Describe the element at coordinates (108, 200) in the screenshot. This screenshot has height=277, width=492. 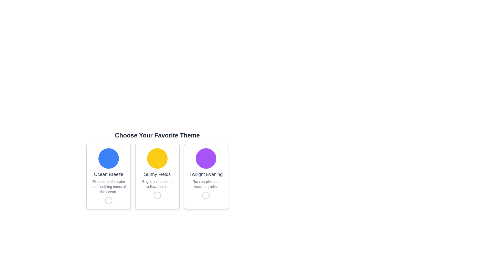
I see `the first gray circle indicator beneath the 'Ocean Breeze' theme option to make a selection` at that location.